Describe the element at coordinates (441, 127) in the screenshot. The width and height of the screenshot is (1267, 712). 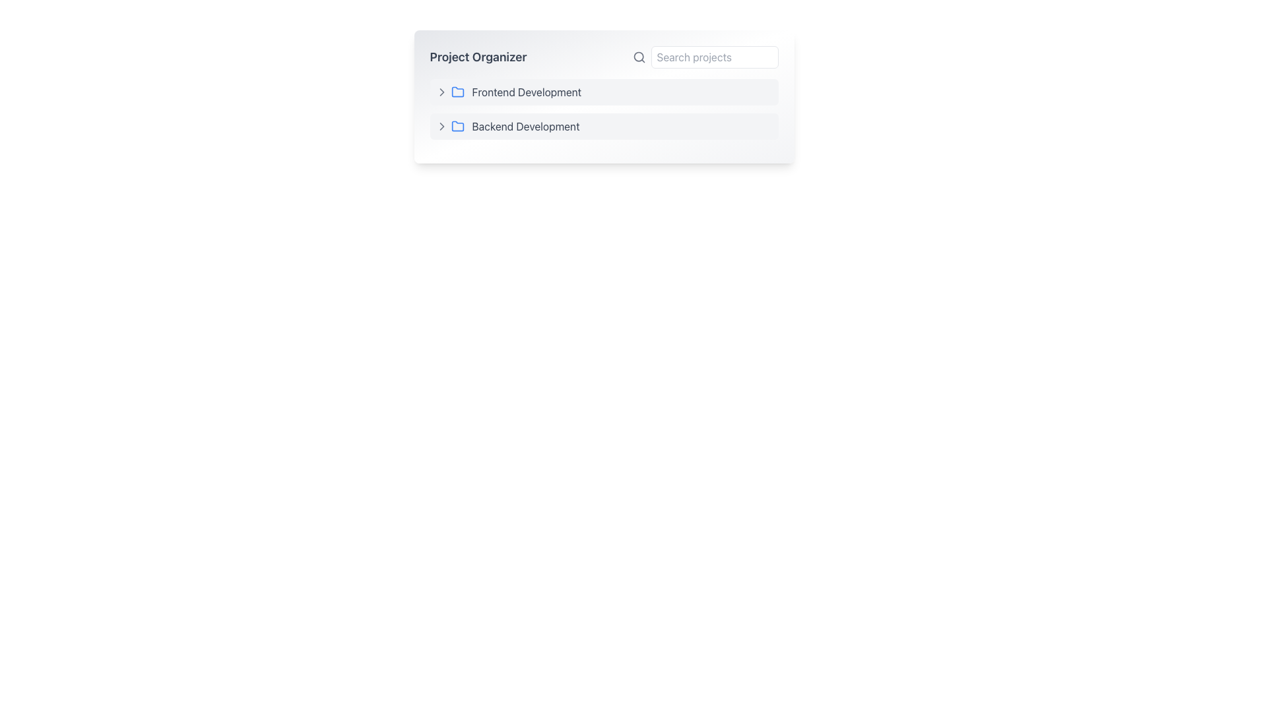
I see `the toggle icon located in the second item row of the directory list adjacent to 'Backend Development'` at that location.